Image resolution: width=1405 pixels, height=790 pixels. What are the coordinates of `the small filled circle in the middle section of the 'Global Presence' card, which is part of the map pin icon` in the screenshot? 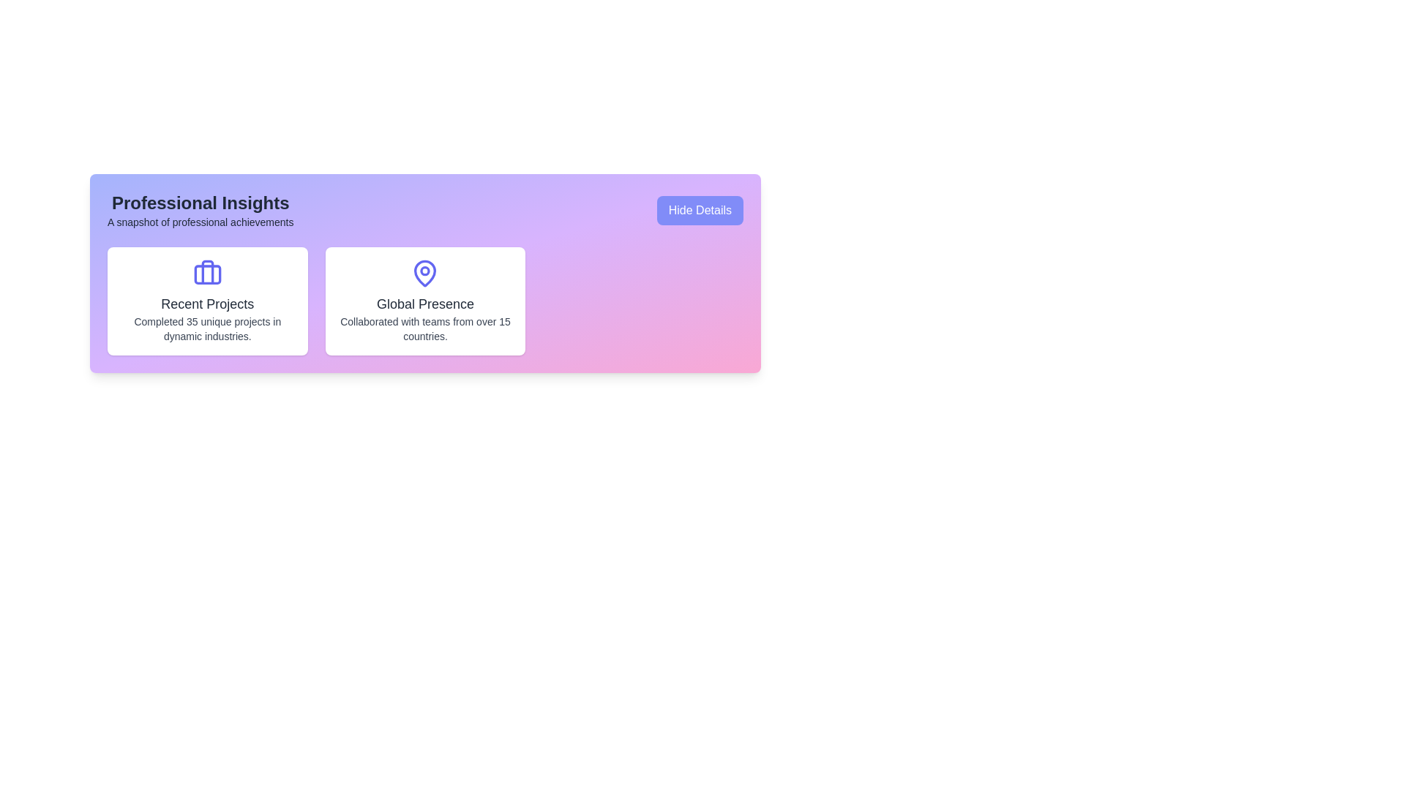 It's located at (424, 271).